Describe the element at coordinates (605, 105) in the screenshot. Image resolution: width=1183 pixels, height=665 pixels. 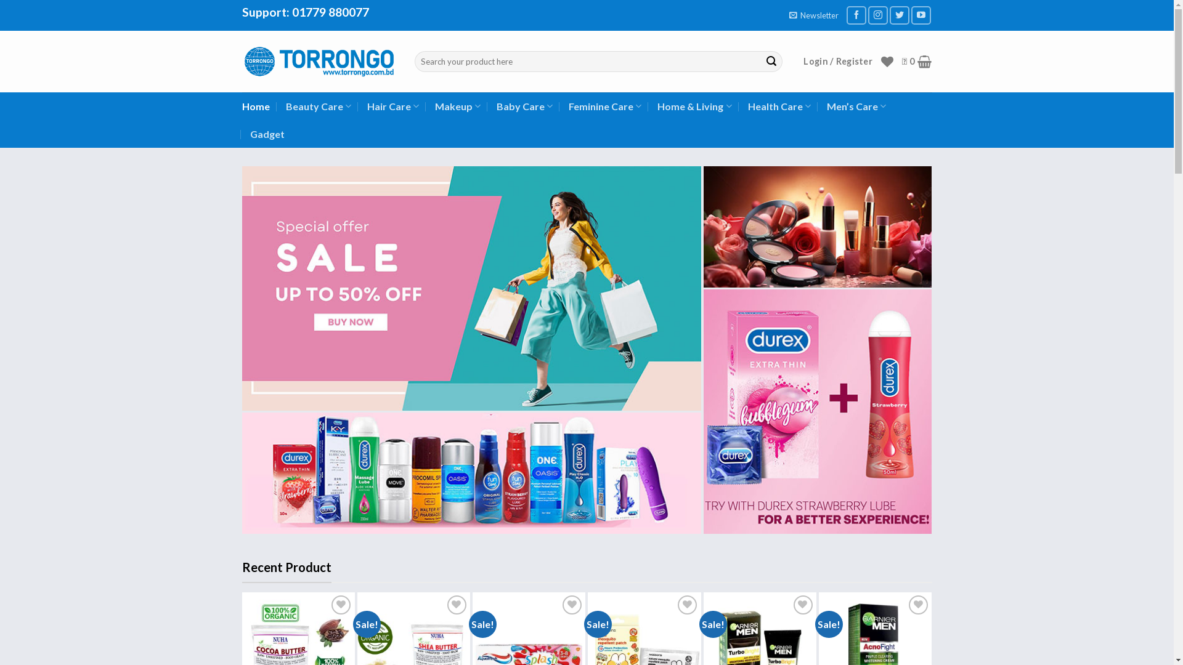
I see `'Feminine Care'` at that location.